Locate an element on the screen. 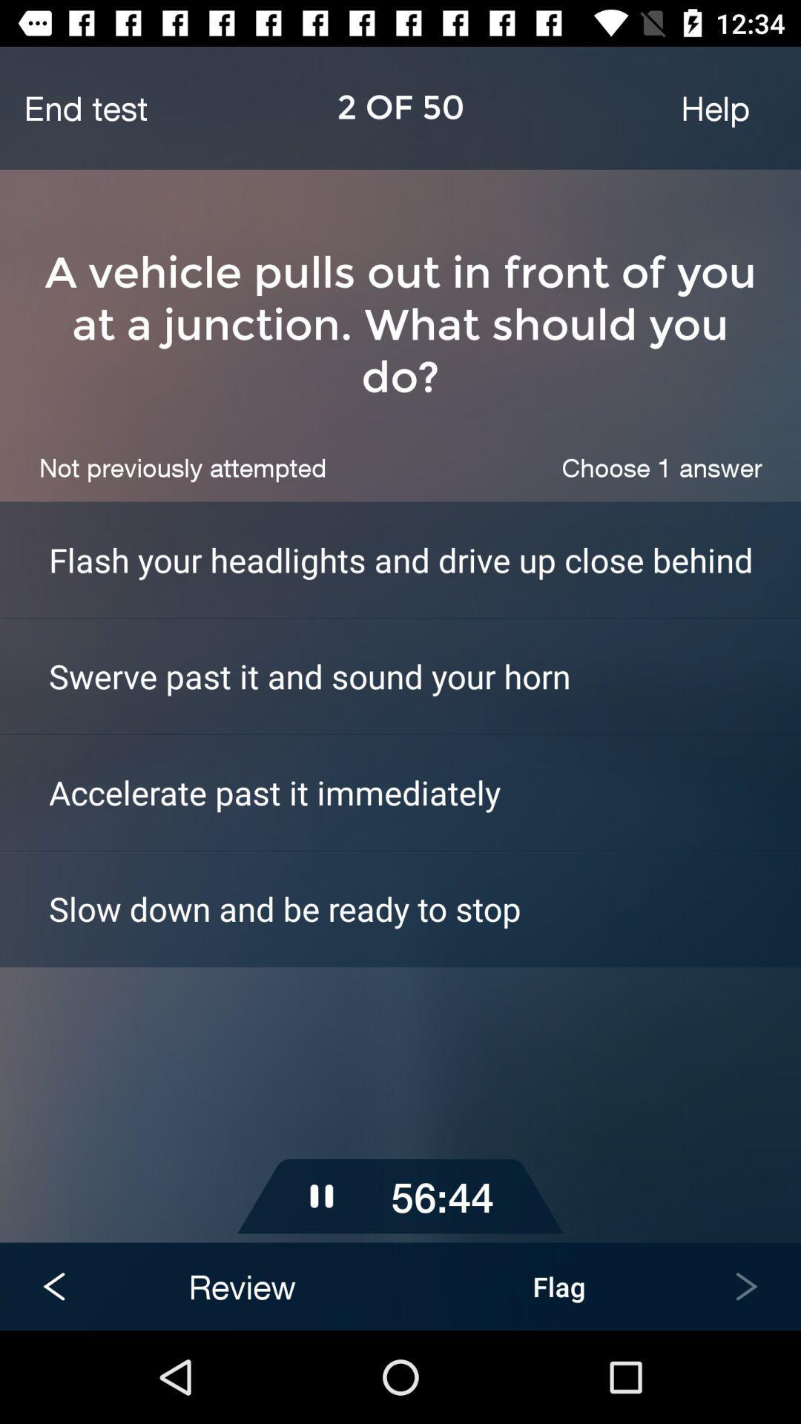 The width and height of the screenshot is (801, 1424). the icon to the right of the review is located at coordinates (558, 1285).